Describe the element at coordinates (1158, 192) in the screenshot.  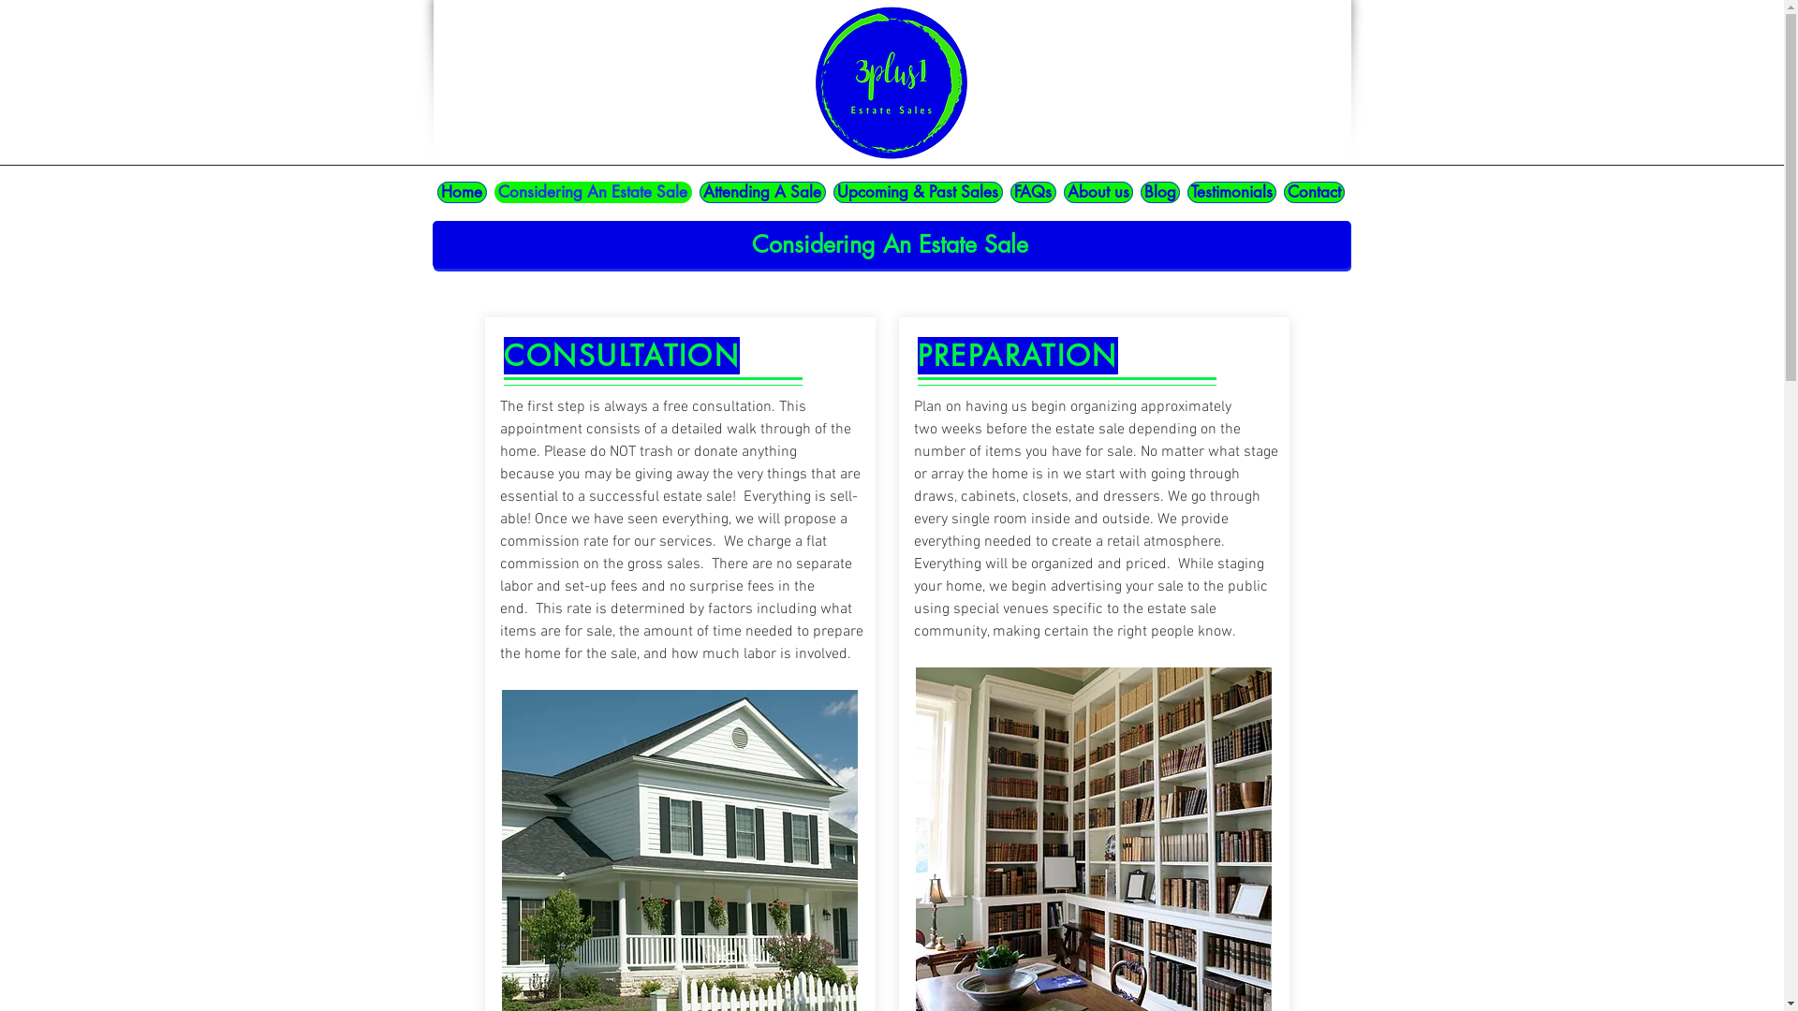
I see `'Blog'` at that location.